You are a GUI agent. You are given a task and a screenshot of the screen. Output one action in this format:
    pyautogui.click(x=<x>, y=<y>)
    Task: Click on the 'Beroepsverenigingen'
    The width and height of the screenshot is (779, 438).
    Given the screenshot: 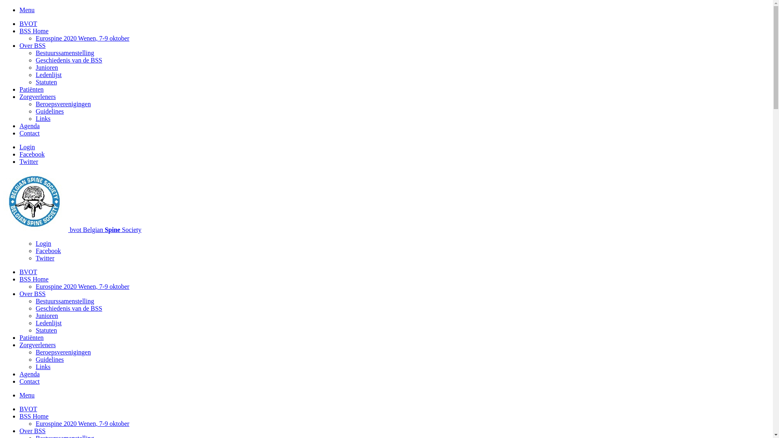 What is the action you would take?
    pyautogui.click(x=63, y=103)
    